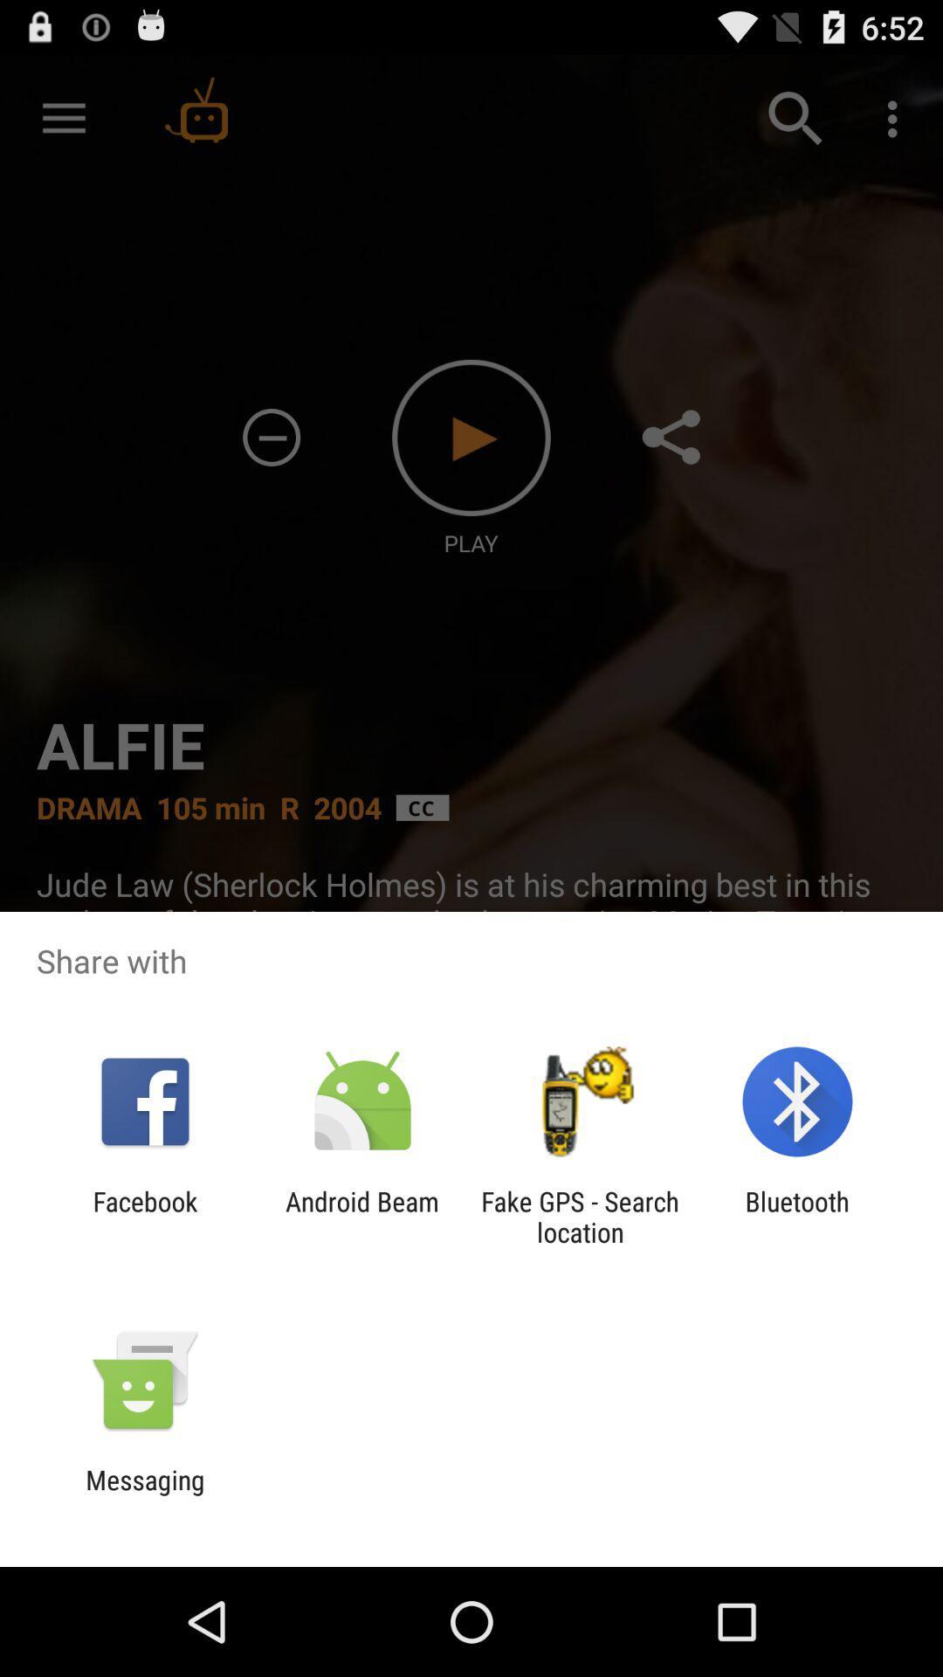 The image size is (943, 1677). What do you see at coordinates (144, 1216) in the screenshot?
I see `icon next to android beam app` at bounding box center [144, 1216].